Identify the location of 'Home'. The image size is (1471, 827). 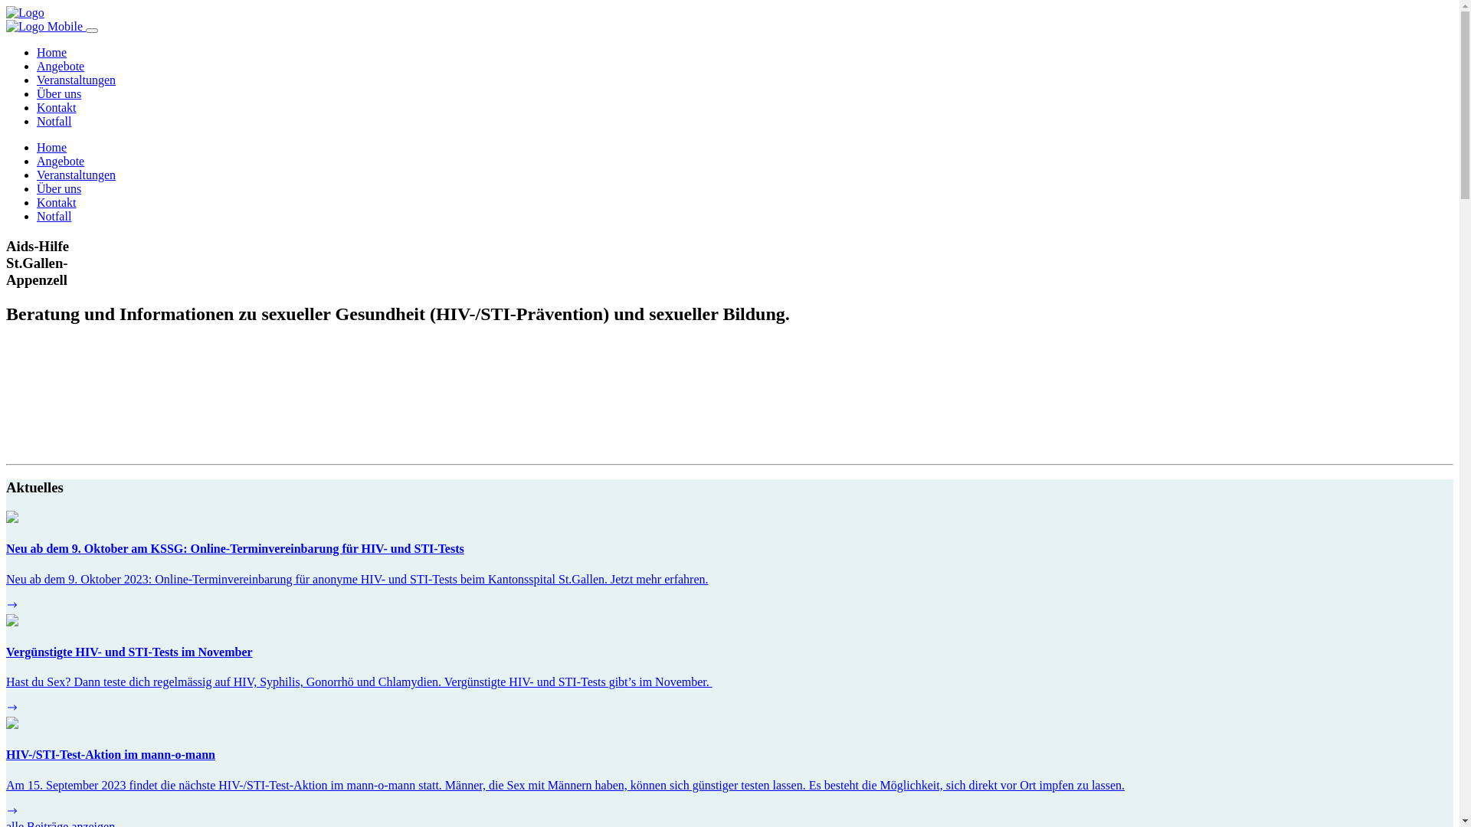
(51, 147).